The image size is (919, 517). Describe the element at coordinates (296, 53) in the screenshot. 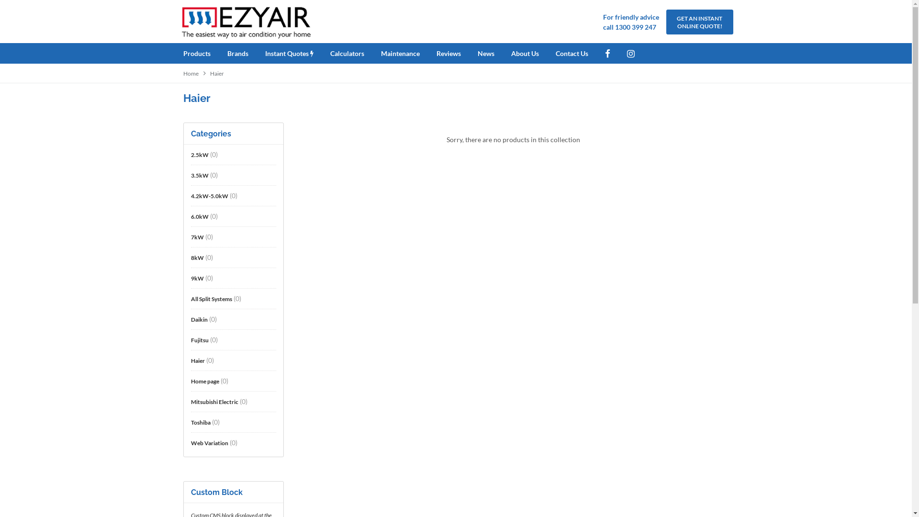

I see `'Instant Quotes'` at that location.